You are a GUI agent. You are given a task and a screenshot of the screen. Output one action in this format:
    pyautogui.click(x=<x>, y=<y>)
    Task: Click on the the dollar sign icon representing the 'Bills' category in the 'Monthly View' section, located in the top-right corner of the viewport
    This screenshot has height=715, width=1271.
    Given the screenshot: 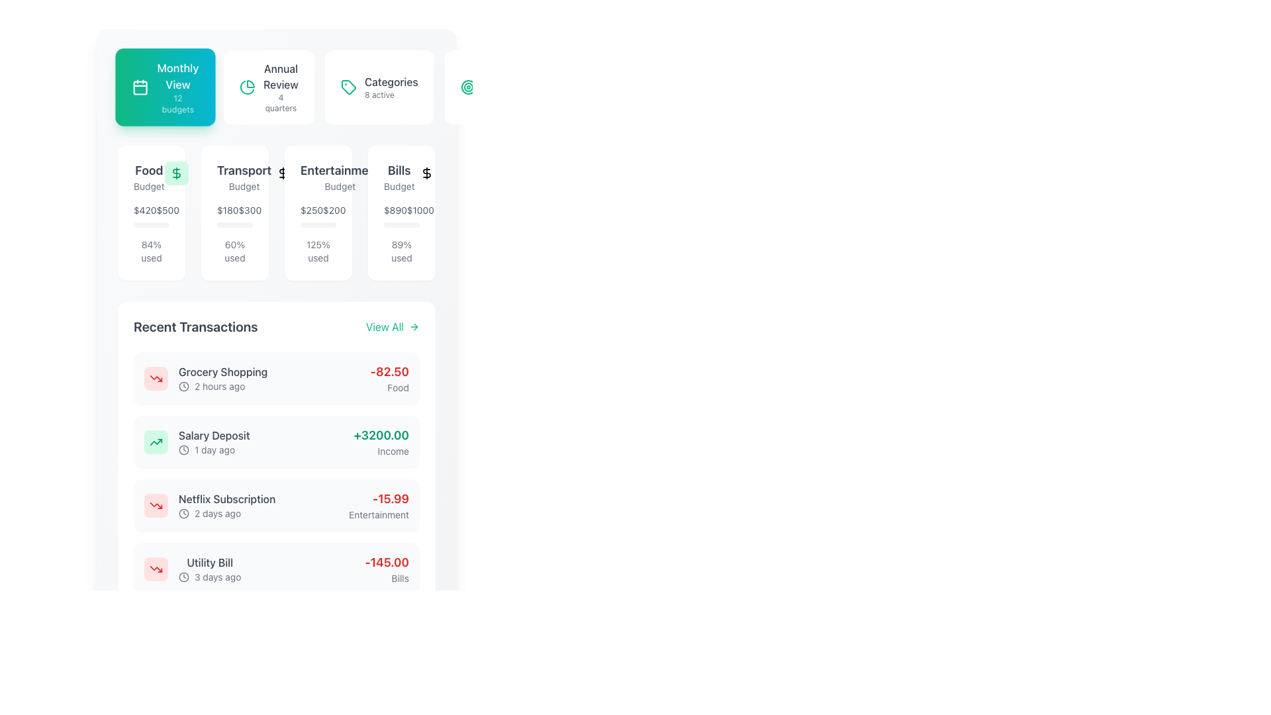 What is the action you would take?
    pyautogui.click(x=426, y=173)
    